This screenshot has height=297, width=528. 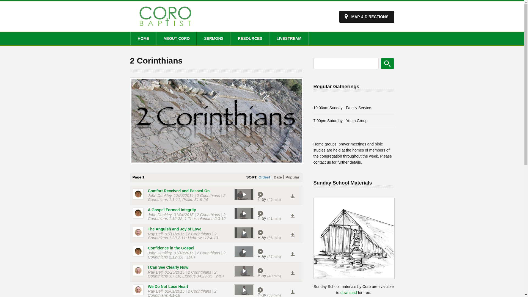 What do you see at coordinates (230, 38) in the screenshot?
I see `'RESOURCES'` at bounding box center [230, 38].